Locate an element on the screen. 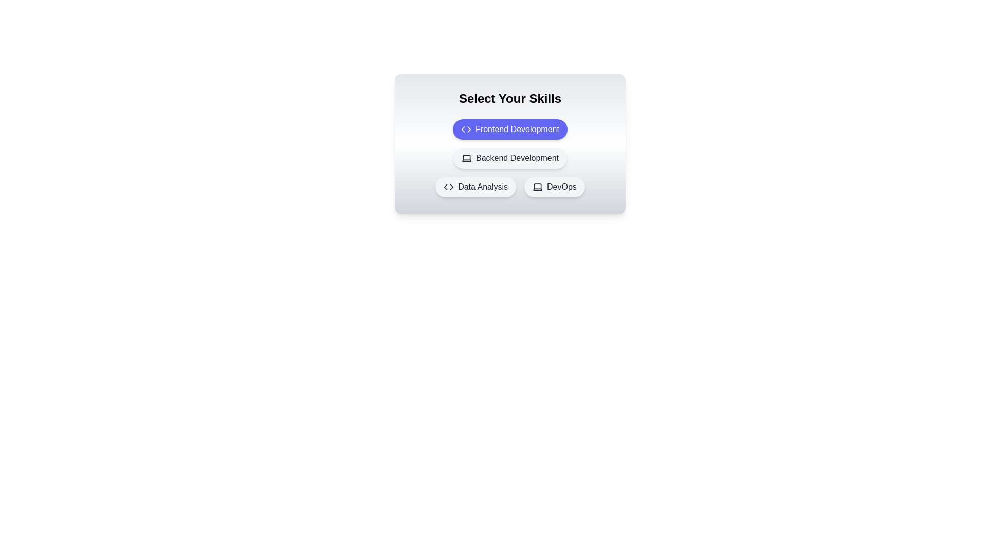 The image size is (987, 555). the skill chip labeled DevOps is located at coordinates (554, 187).